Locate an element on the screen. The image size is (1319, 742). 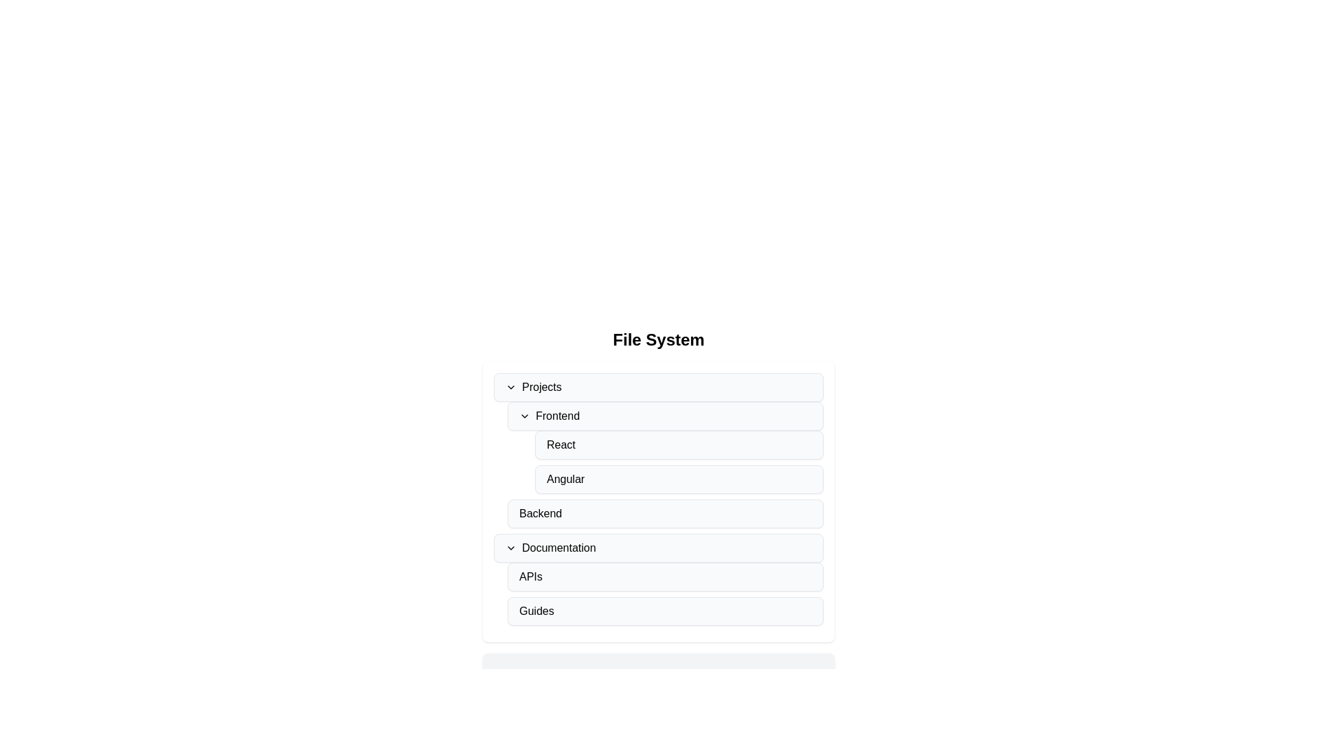
the 'Angular' button-like list item is located at coordinates (666, 479).